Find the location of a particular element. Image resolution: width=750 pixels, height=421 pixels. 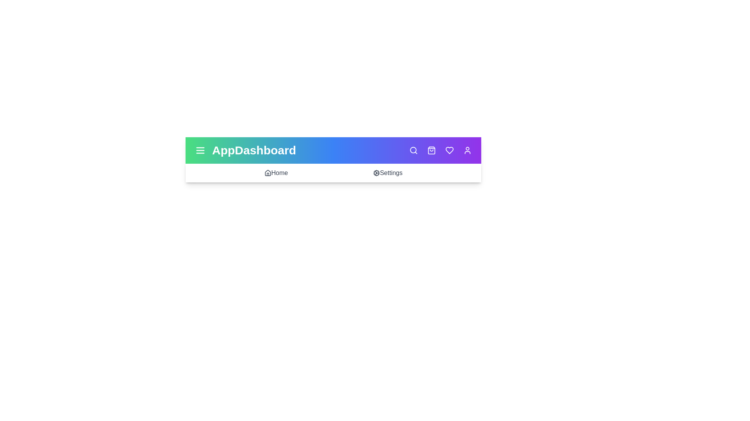

the text 'AppDashboard' to select it is located at coordinates (254, 150).